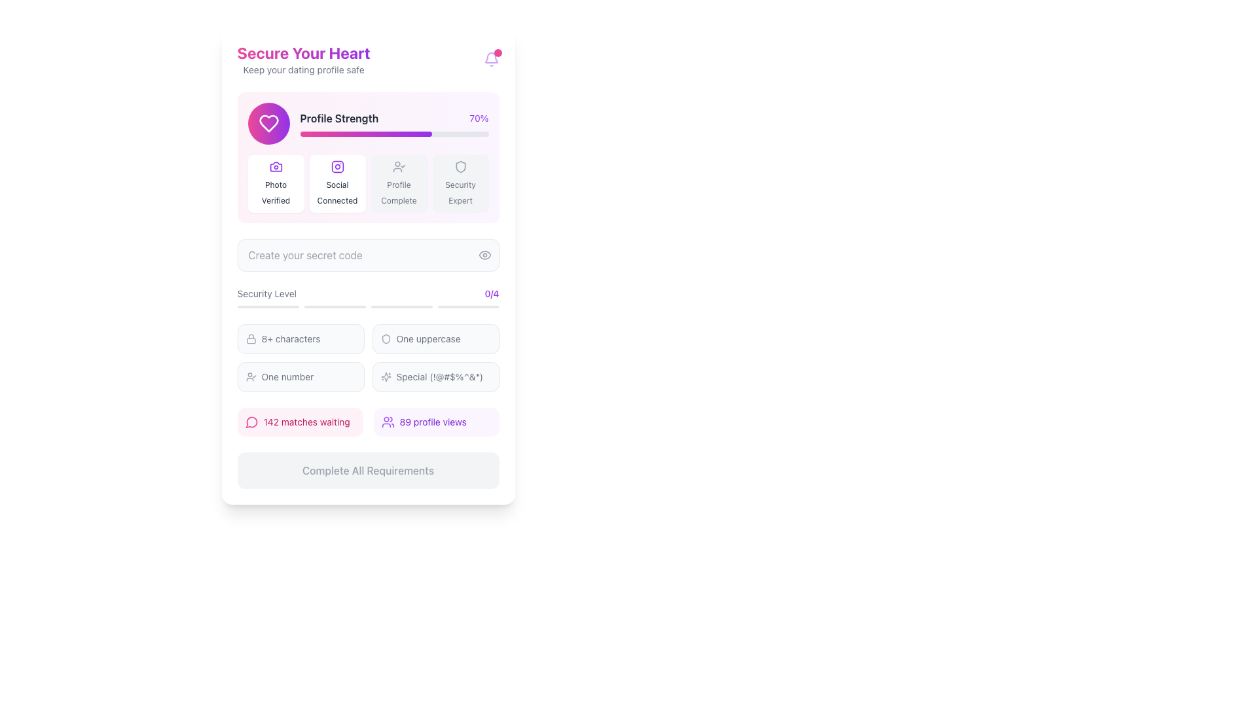 Image resolution: width=1257 pixels, height=707 pixels. Describe the element at coordinates (367, 469) in the screenshot. I see `text on the button labeled 'Complete All Requirements', which is a rectangular button with rounded corners located at the bottom of the layout` at that location.